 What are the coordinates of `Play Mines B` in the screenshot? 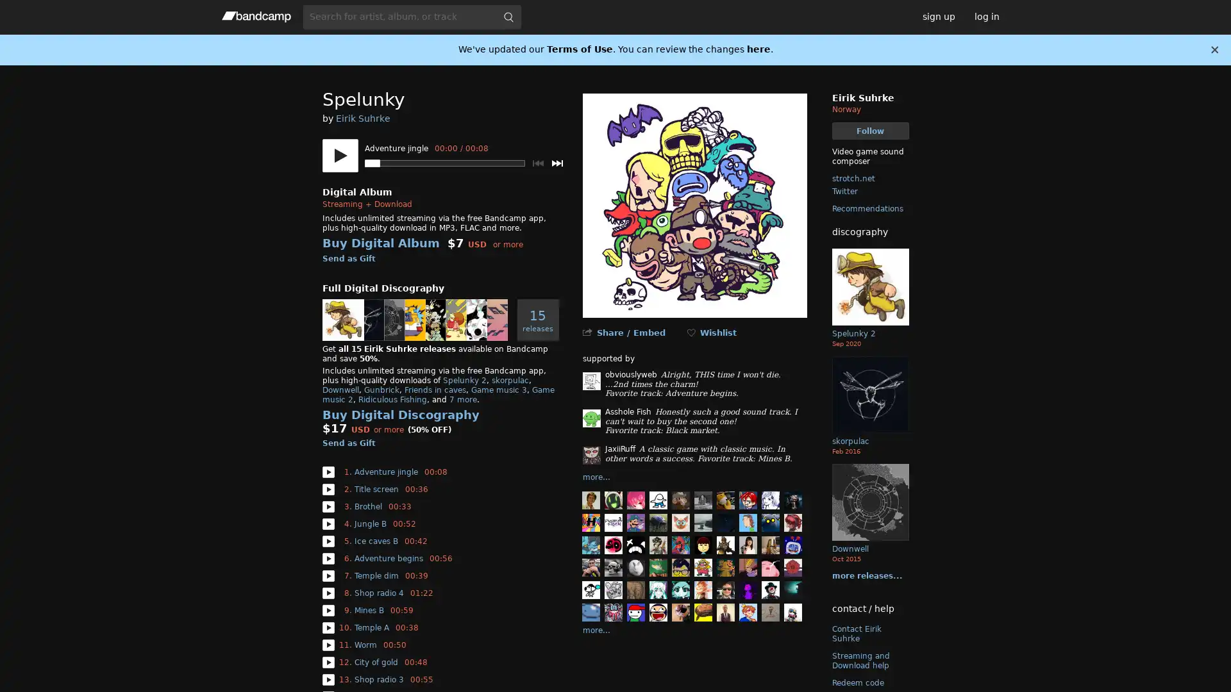 It's located at (328, 609).